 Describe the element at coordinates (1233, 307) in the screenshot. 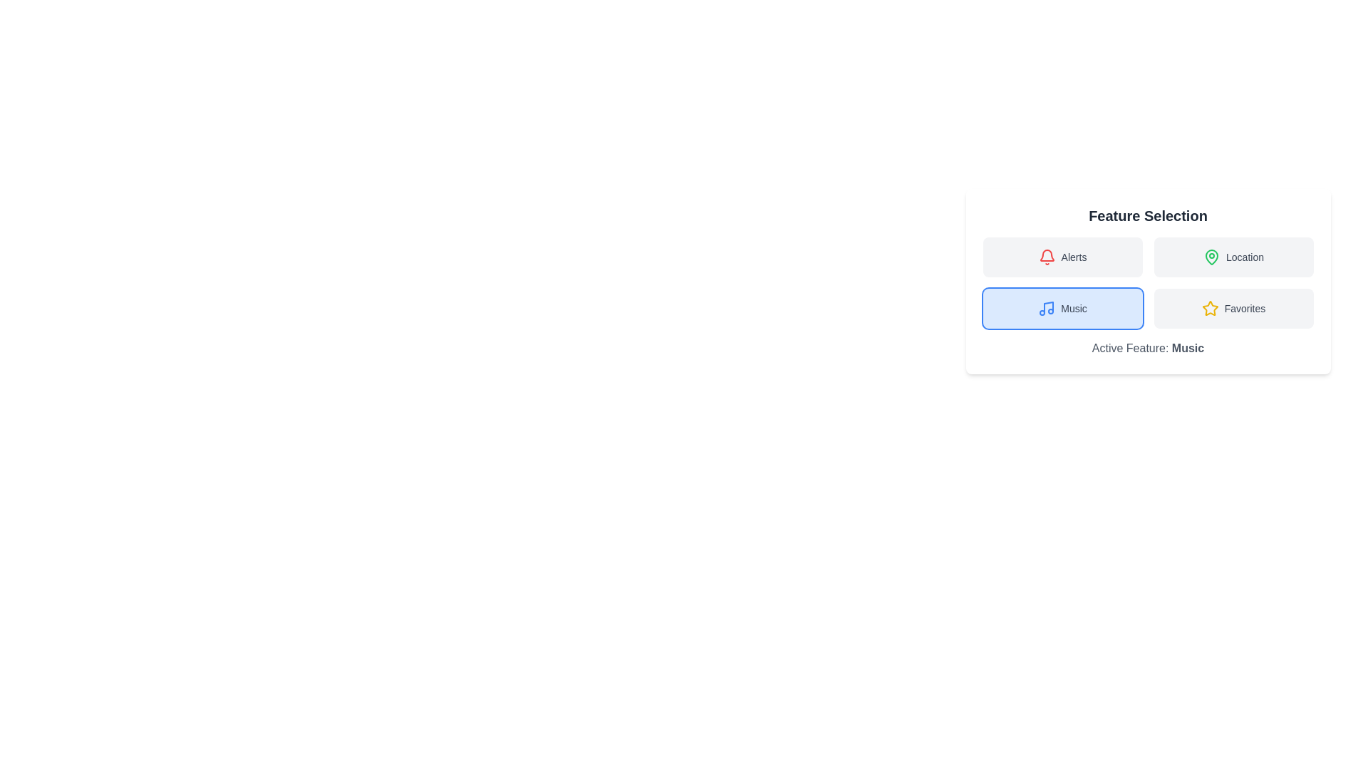

I see `the Favorites button to observe its color change` at that location.